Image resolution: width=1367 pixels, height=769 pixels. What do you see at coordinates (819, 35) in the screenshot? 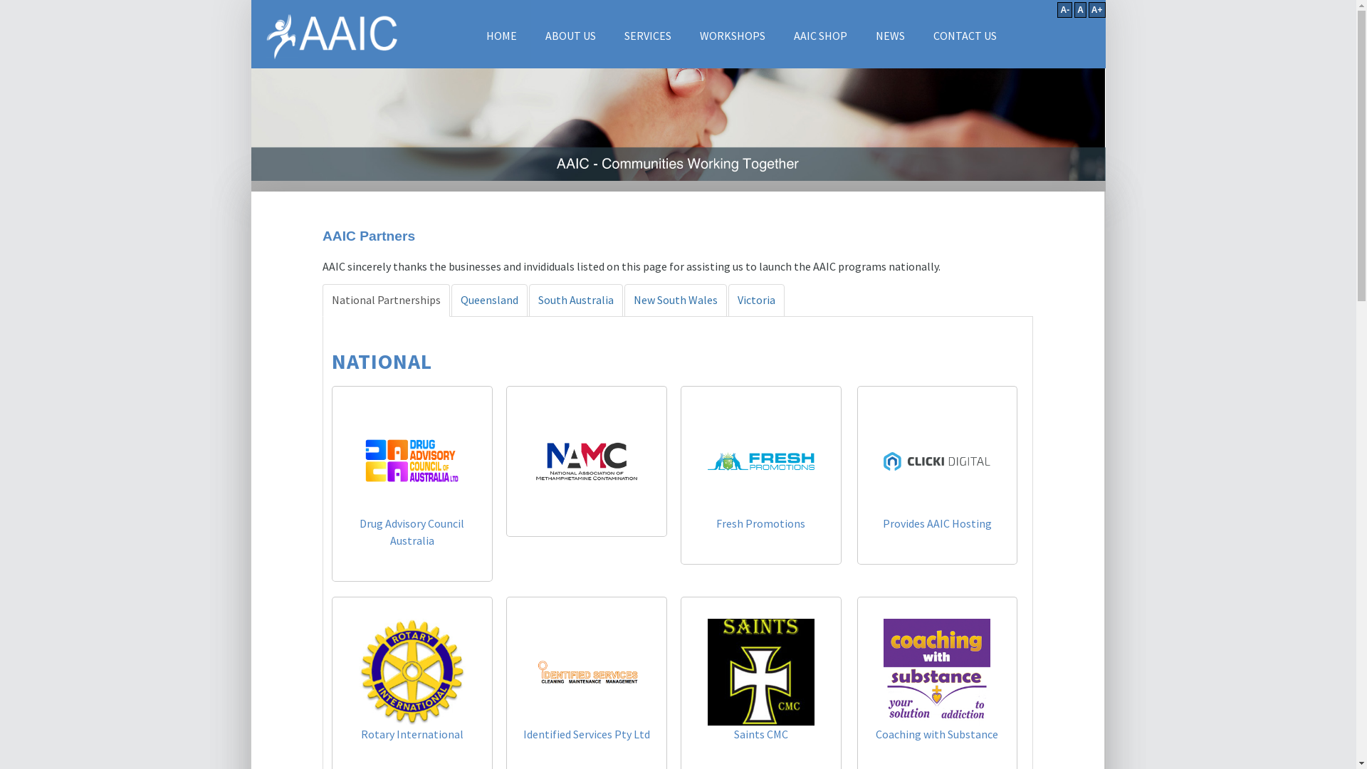
I see `'AAIC SHOP'` at bounding box center [819, 35].